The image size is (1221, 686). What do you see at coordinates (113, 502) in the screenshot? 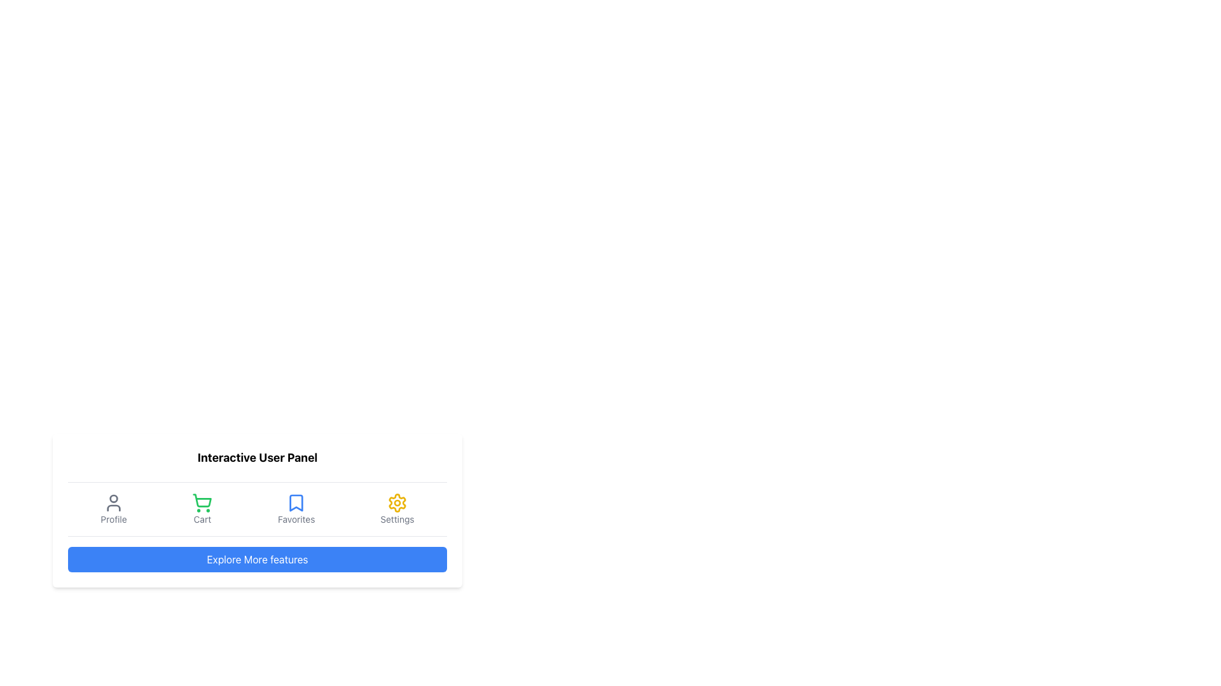
I see `the profile icon, which is a simplified user silhouette with a circular head and semi-circular body` at bounding box center [113, 502].